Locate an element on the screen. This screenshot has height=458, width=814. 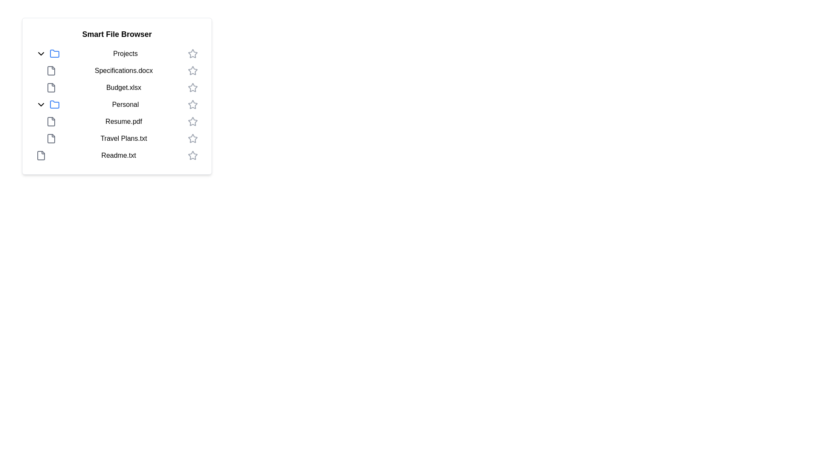
the document file icon that has a rectangular shape with a folded top-right corner, located to the left of the text 'Specifications.docx' is located at coordinates (50, 70).